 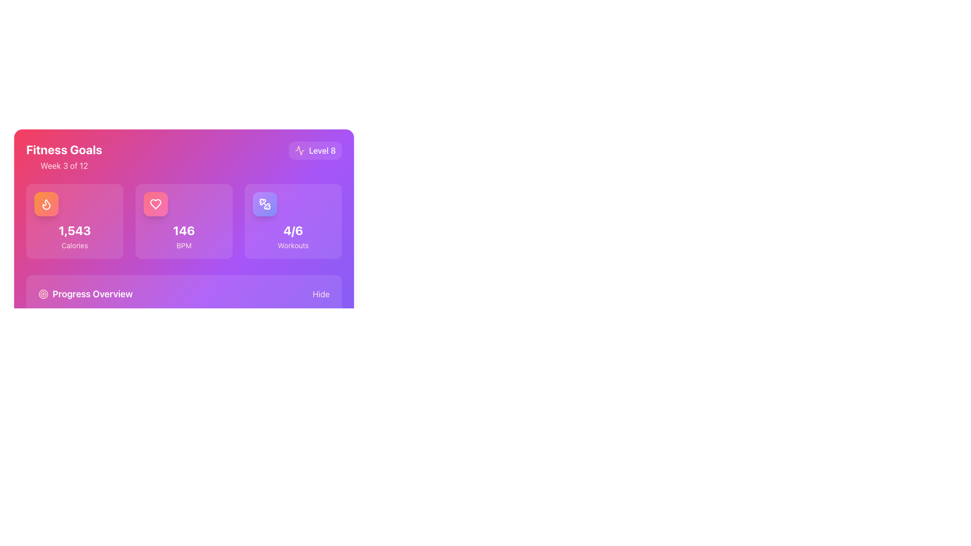 What do you see at coordinates (155, 204) in the screenshot?
I see `the heart rate metric icon, which visually represents BPM and is located at the top-left of the card displaying the value '146'` at bounding box center [155, 204].